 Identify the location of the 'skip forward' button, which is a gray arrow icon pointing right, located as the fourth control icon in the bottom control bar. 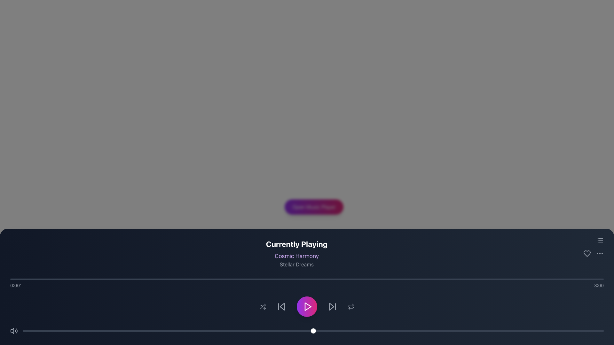
(333, 306).